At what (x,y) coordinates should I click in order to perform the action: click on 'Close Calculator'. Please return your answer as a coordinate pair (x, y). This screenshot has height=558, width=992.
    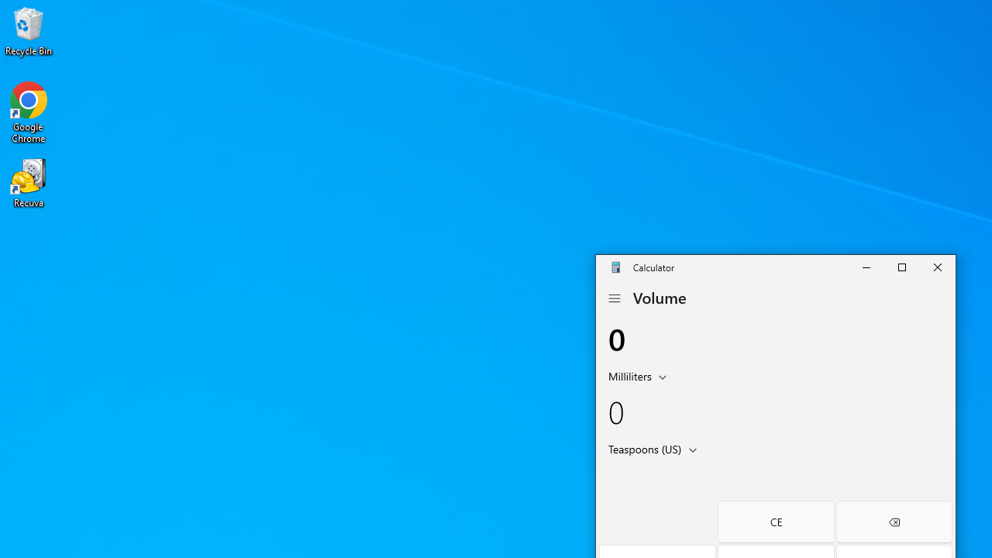
    Looking at the image, I should click on (936, 266).